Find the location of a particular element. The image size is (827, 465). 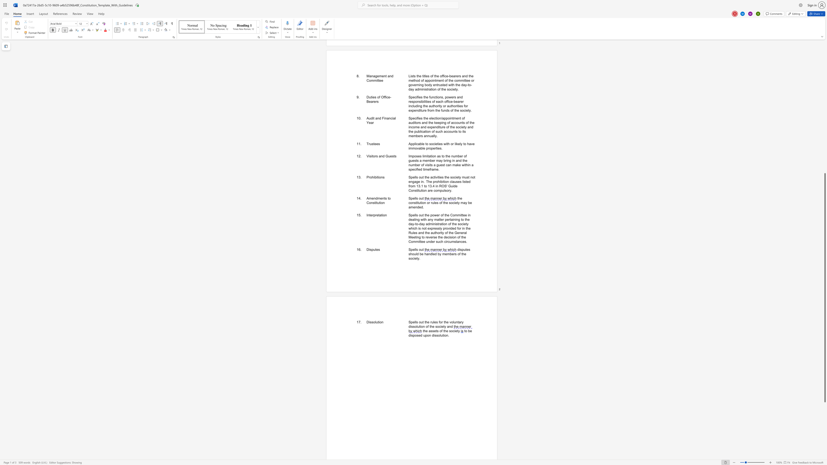

the subset text "ls ou" within the text "Spells out" is located at coordinates (415, 249).